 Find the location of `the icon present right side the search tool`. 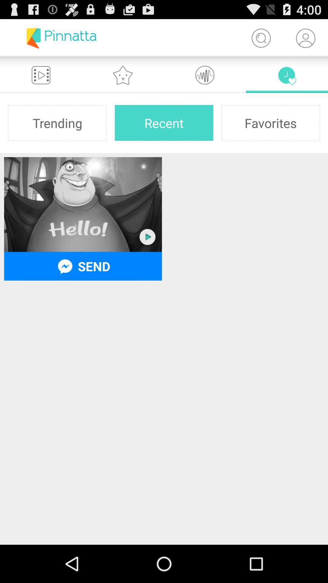

the icon present right side the search tool is located at coordinates (306, 38).